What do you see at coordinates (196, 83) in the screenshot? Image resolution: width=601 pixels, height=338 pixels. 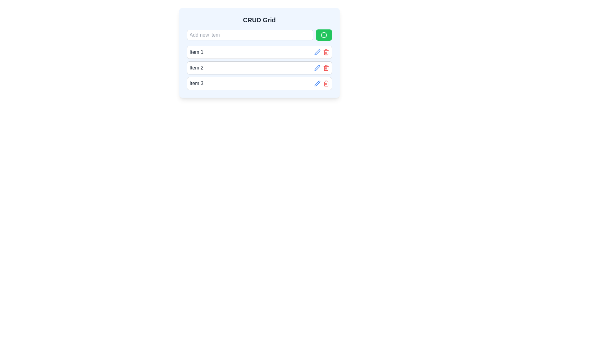 I see `the text block that serves as a label for the third item in the CRUD grid interface, positioned on the left side of the third row` at bounding box center [196, 83].